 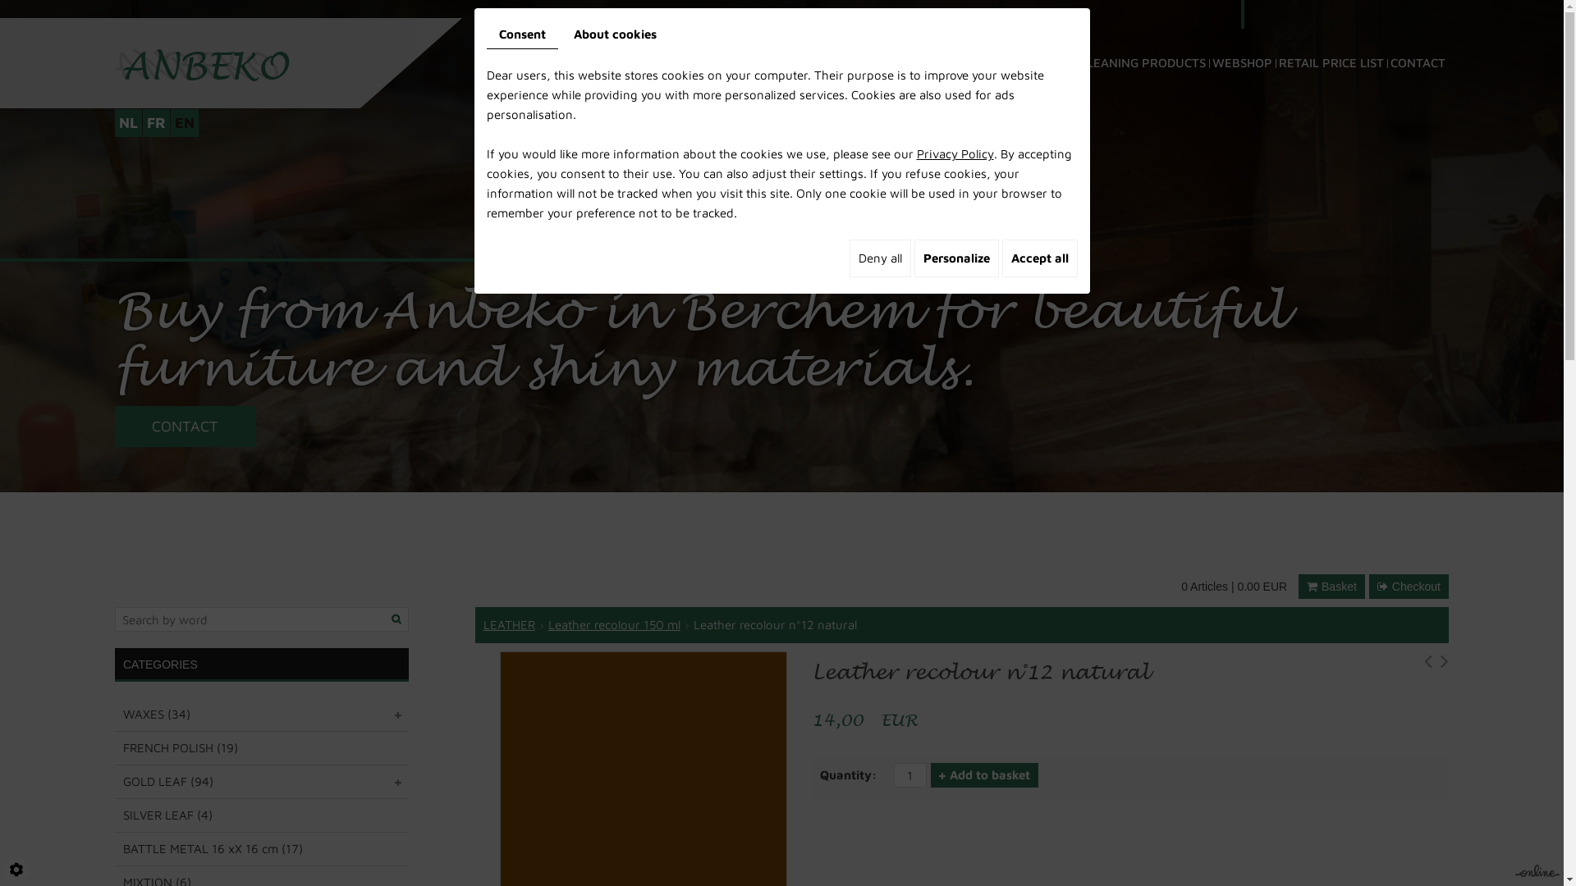 I want to click on 'EN', so click(x=185, y=122).